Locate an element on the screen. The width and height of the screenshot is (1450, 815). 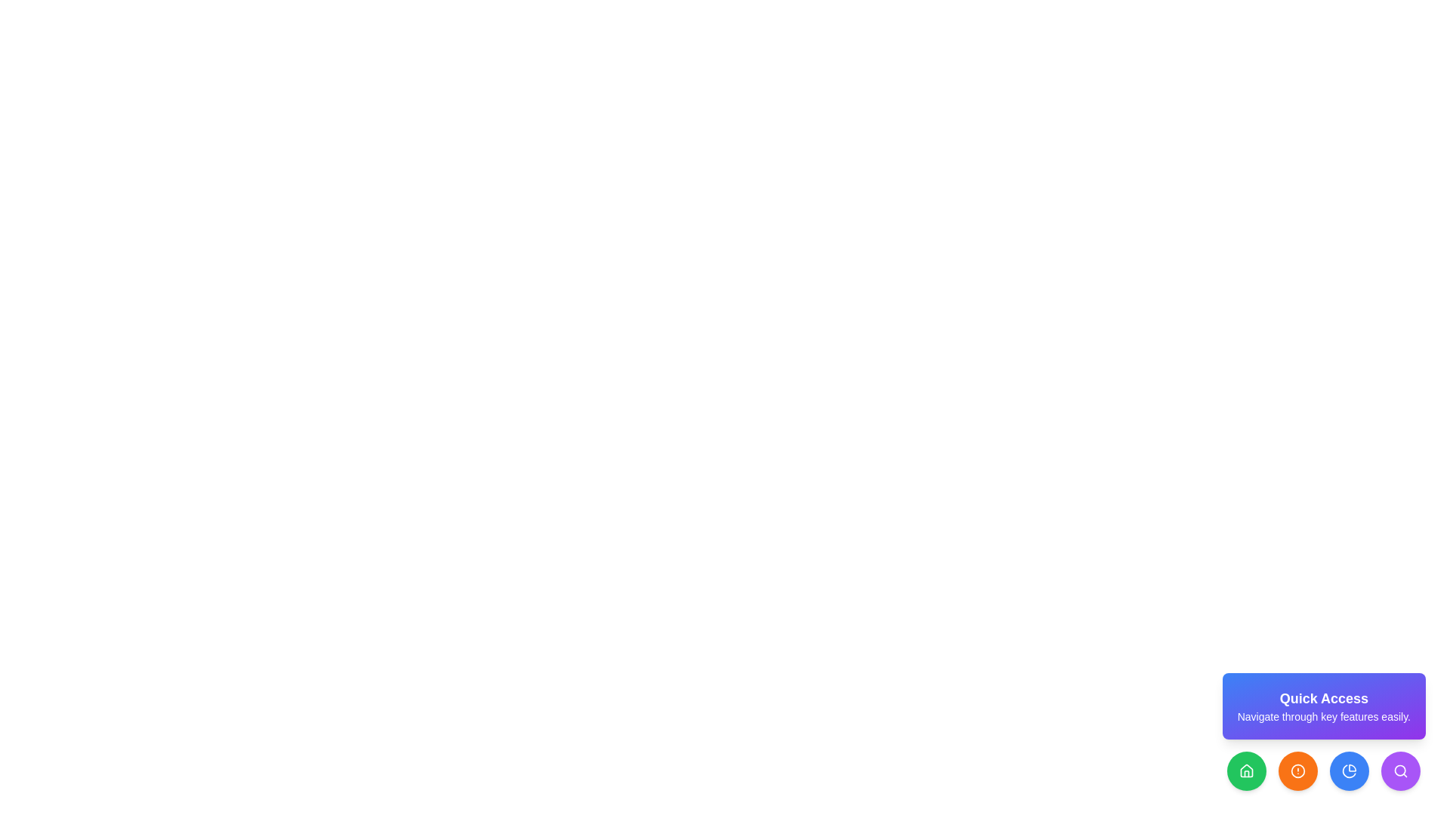
the circular purple button with a white search icon located at the bottom right of the interface is located at coordinates (1400, 771).